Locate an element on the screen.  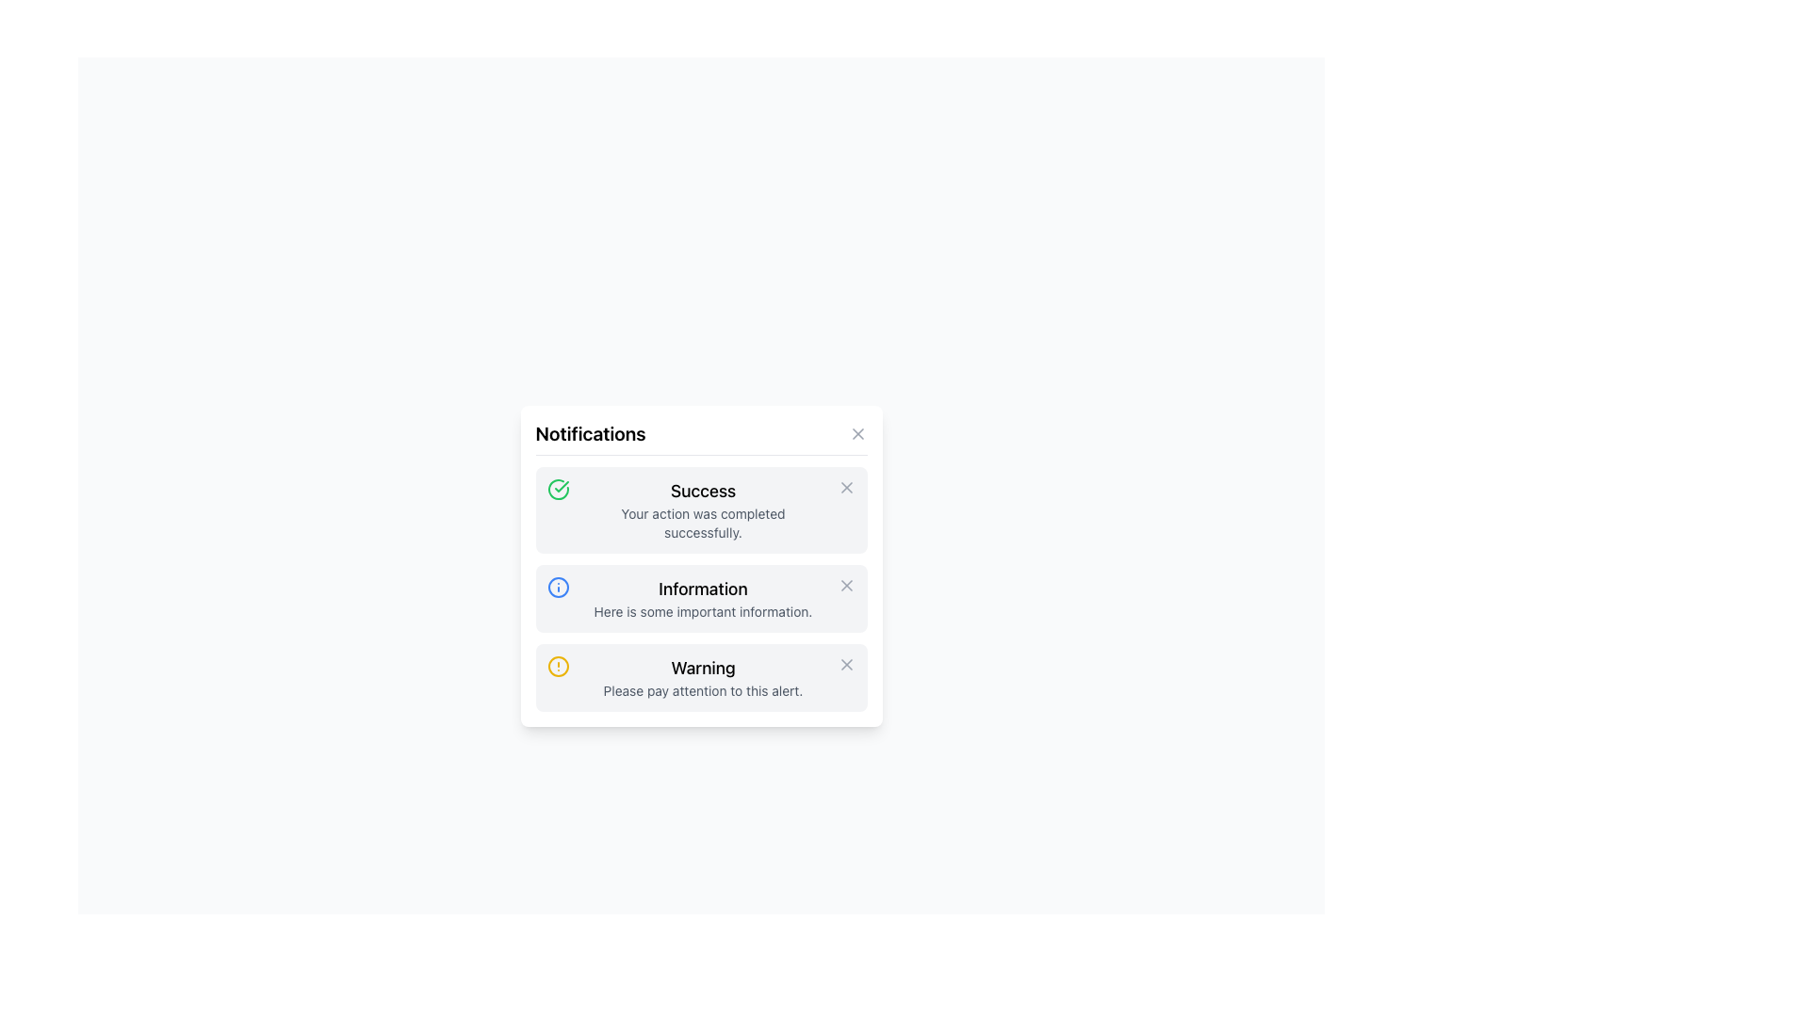
the decorative circular part of the blue information icon located to the left of the 'Information' label in the notification panel is located at coordinates (557, 586).